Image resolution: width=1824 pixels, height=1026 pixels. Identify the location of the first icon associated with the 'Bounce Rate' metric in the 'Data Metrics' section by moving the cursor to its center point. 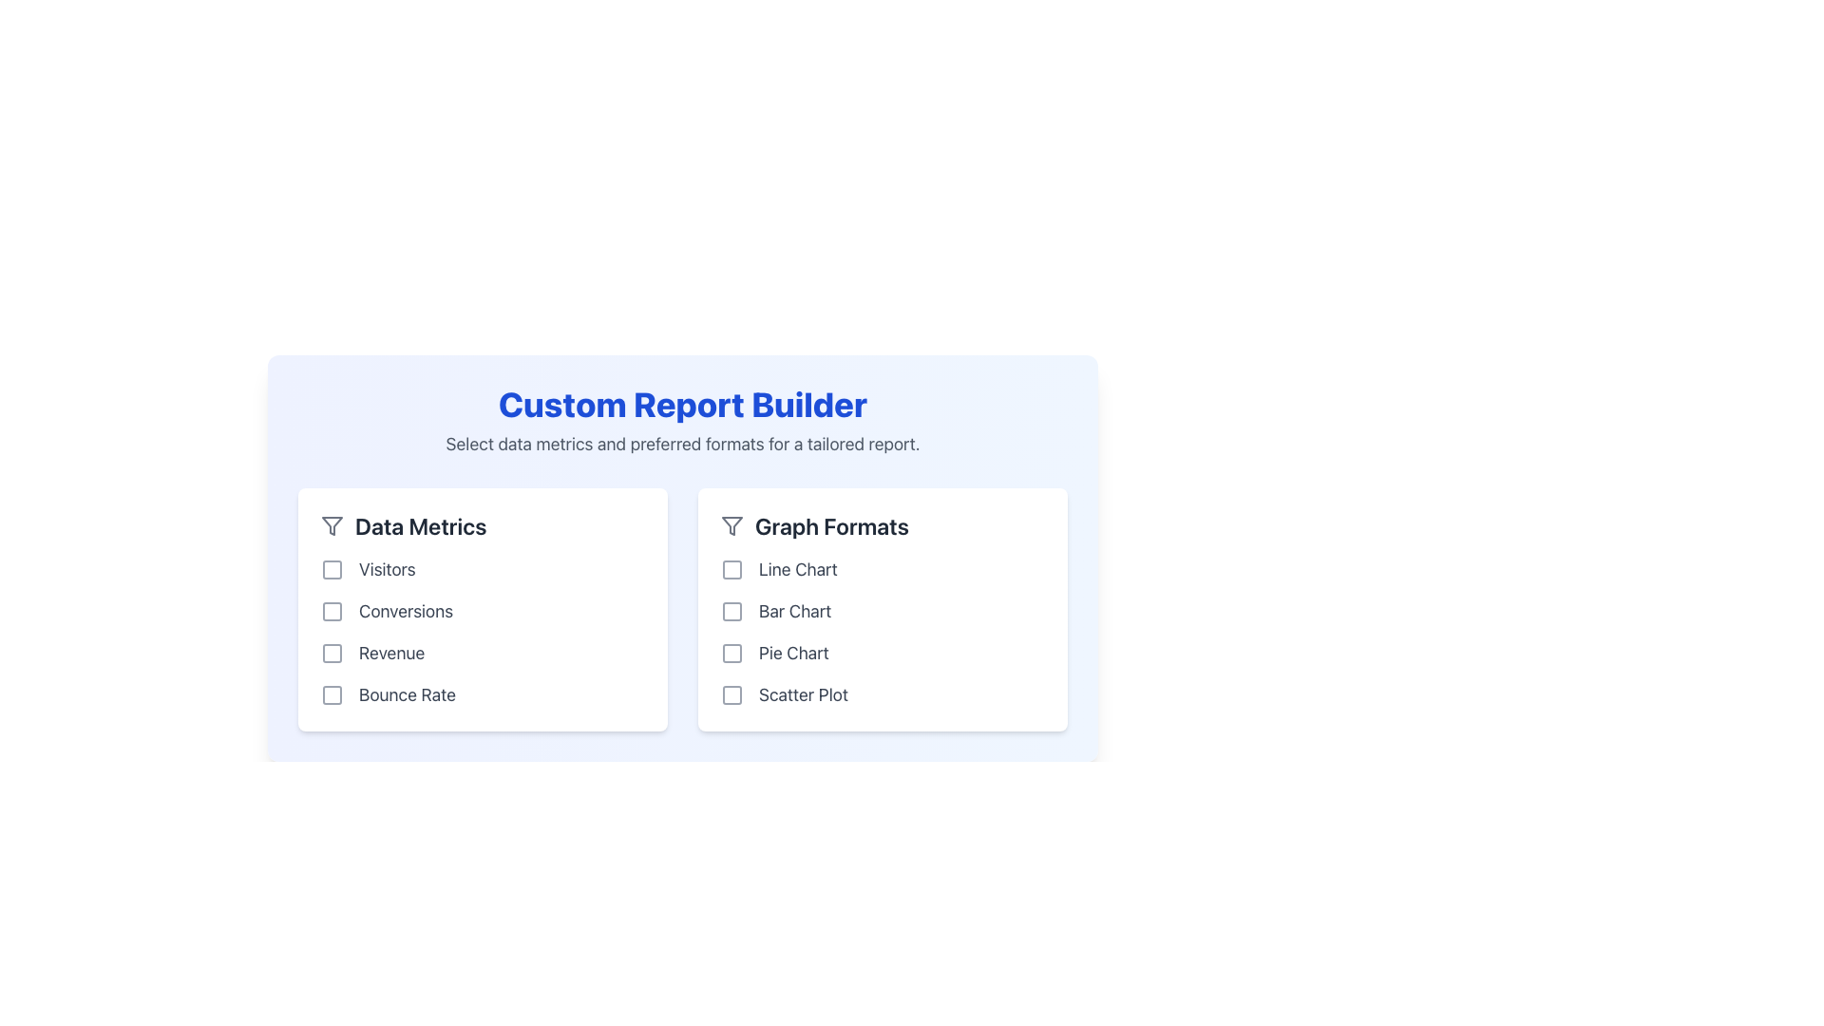
(332, 695).